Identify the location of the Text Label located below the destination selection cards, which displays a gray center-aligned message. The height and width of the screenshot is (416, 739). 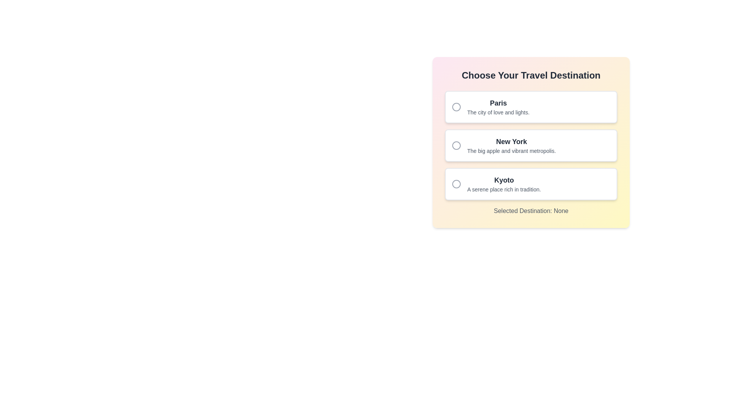
(531, 211).